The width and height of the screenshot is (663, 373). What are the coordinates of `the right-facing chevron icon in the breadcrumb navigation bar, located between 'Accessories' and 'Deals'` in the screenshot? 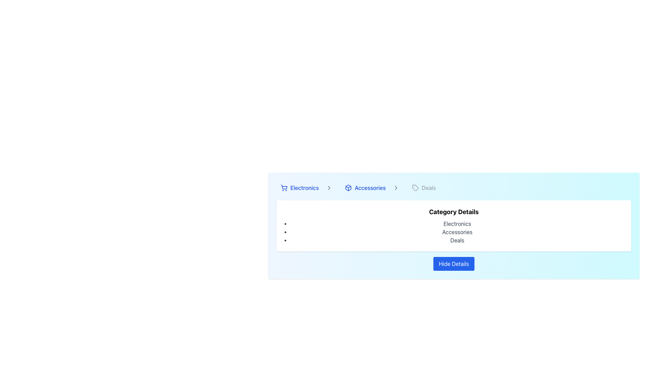 It's located at (396, 188).